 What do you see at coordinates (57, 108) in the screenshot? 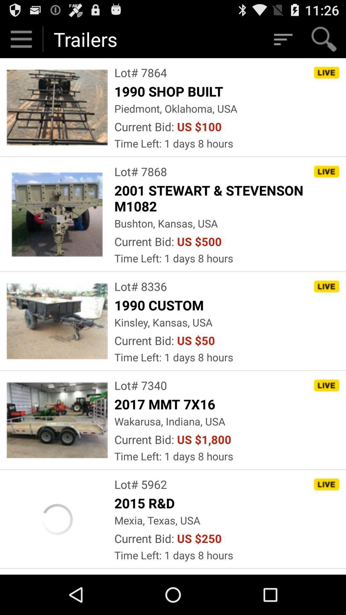
I see `the first image` at bounding box center [57, 108].